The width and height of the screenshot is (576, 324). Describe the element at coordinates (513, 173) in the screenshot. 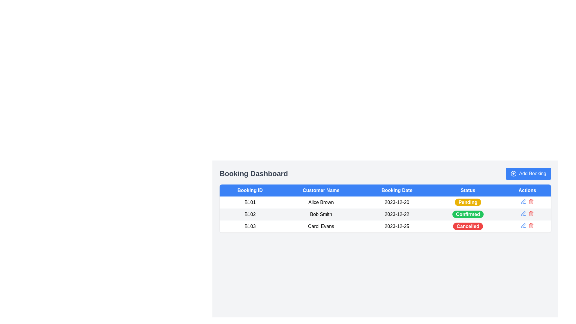

I see `the circular icon component representing the 'add' action within the 'Add Booking' button located at the top-right side of the interface` at that location.